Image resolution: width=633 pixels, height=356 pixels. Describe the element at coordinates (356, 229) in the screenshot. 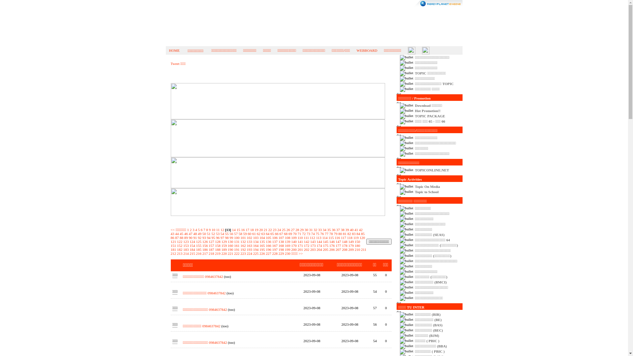

I see `'41'` at that location.